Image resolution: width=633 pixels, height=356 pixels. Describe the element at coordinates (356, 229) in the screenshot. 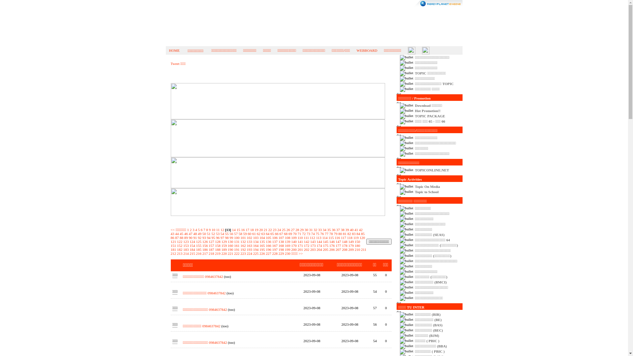

I see `'41'` at that location.